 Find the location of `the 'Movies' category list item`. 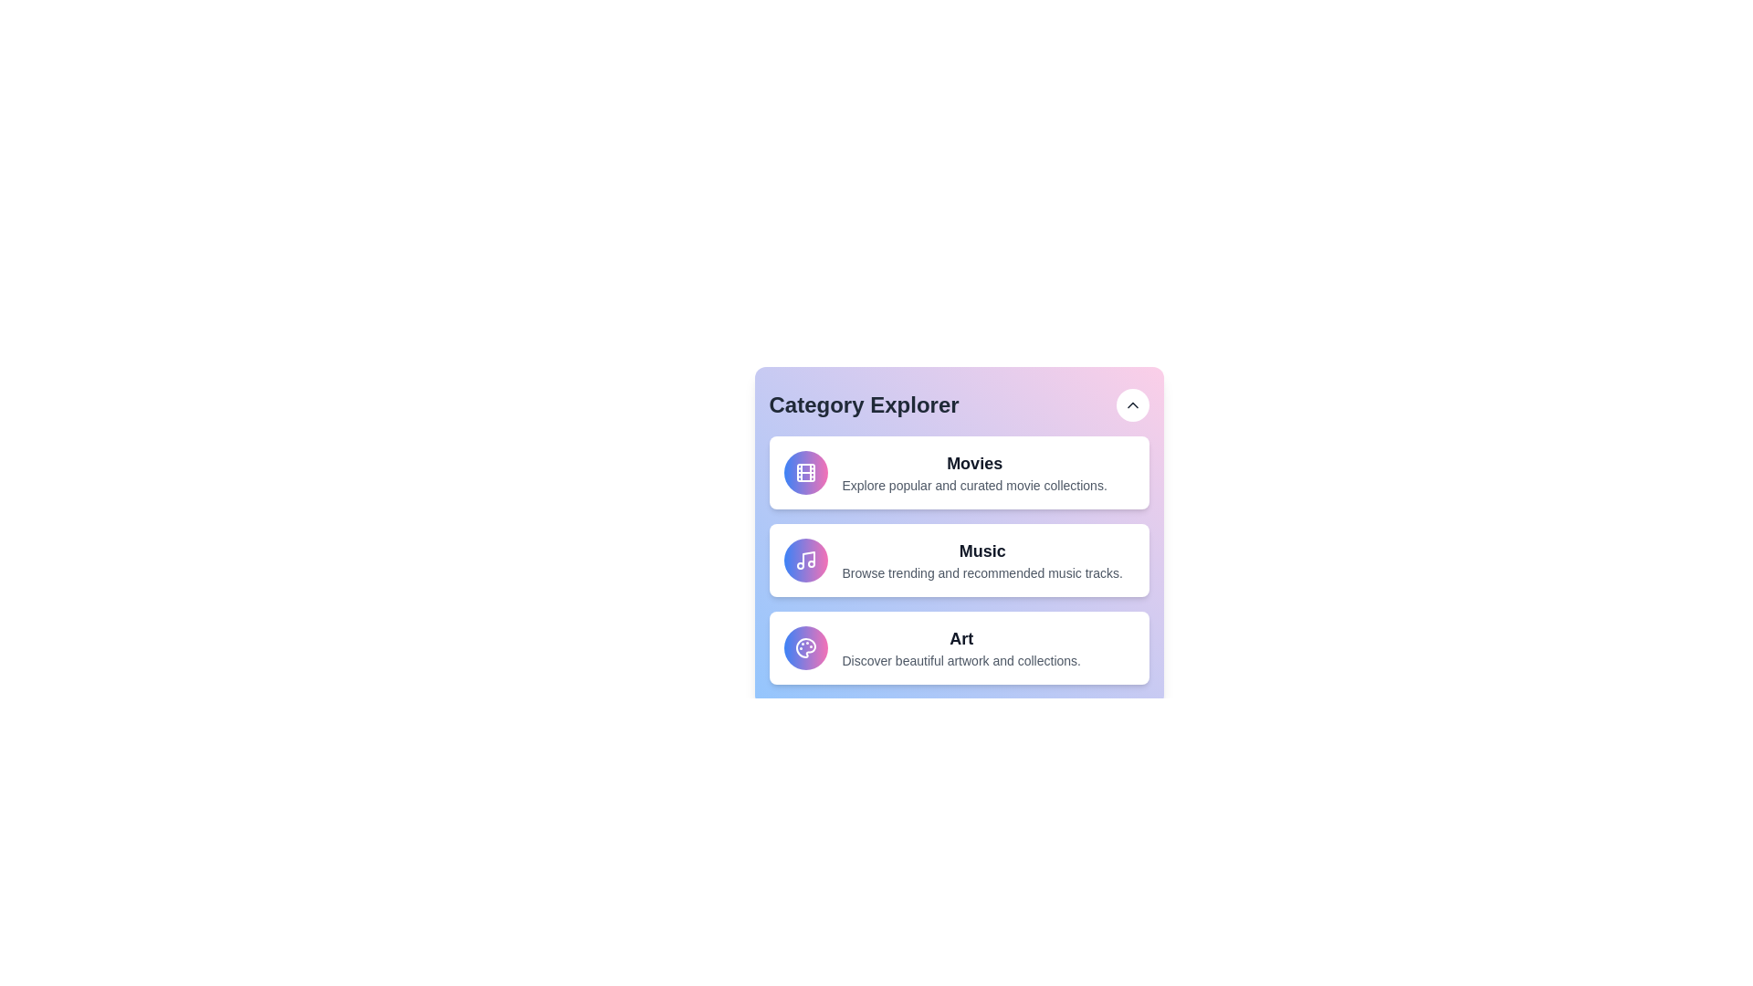

the 'Movies' category list item is located at coordinates (958, 471).